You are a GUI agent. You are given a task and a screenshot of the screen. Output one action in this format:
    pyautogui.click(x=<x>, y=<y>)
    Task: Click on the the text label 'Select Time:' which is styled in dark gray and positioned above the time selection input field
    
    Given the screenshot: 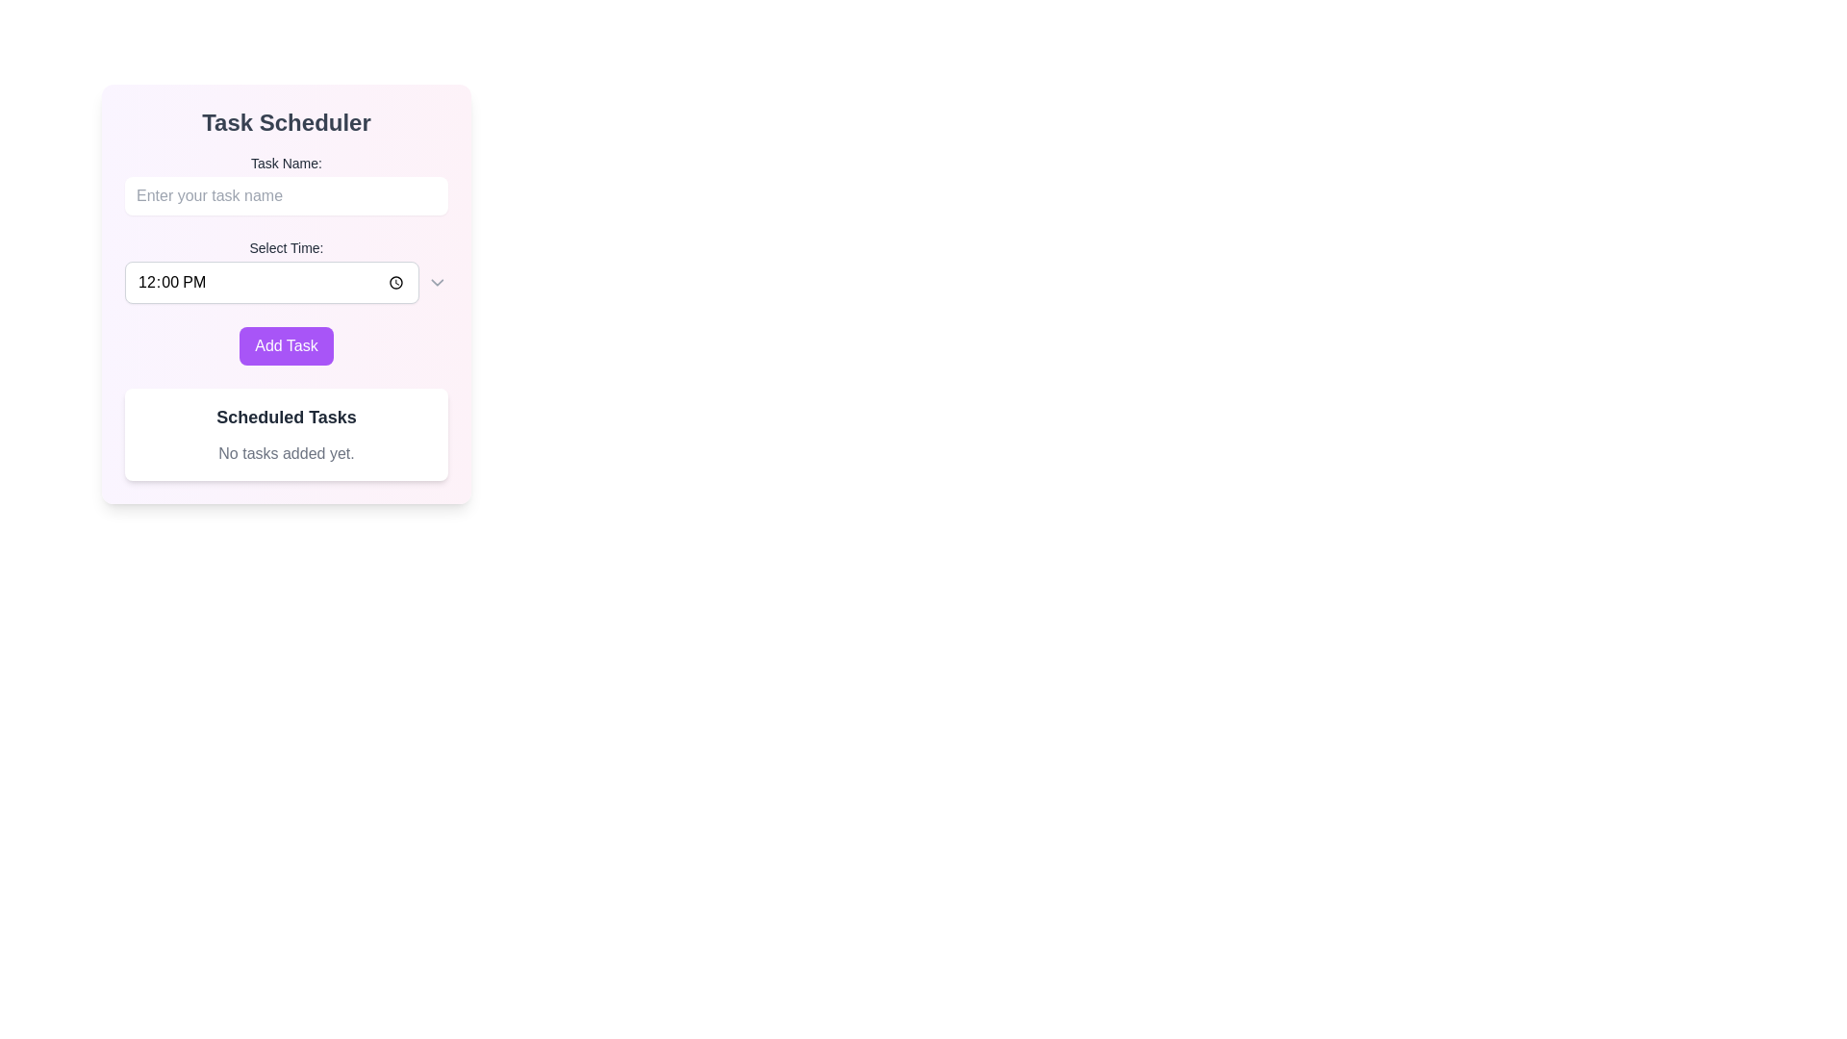 What is the action you would take?
    pyautogui.click(x=285, y=247)
    